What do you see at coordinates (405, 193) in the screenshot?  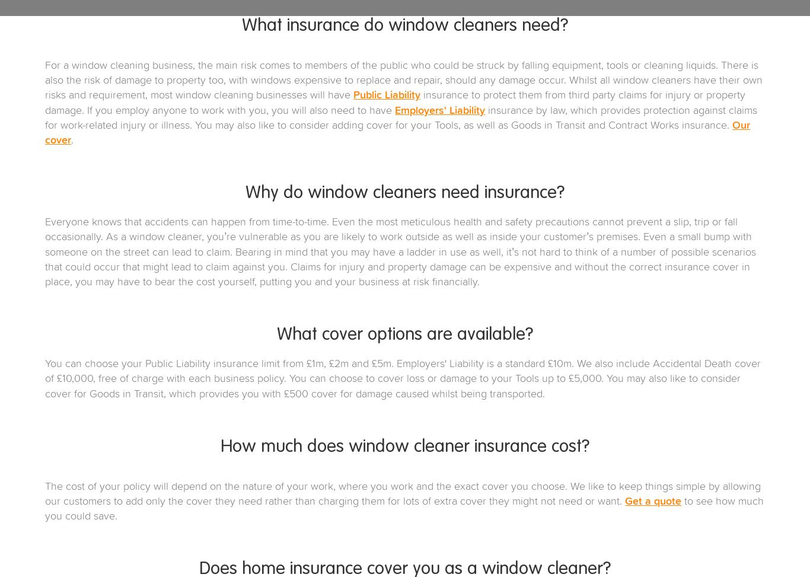 I see `'Why do window cleaners need insurance?'` at bounding box center [405, 193].